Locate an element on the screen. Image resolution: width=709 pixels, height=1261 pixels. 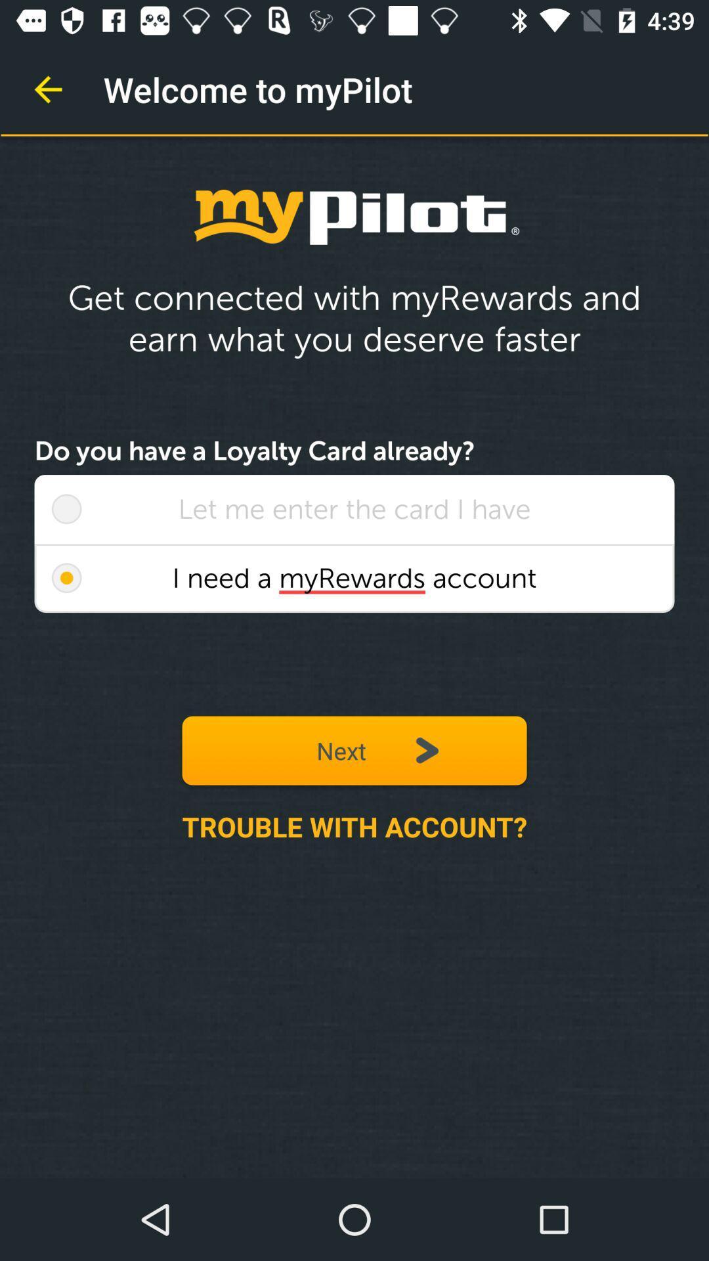
next is located at coordinates (354, 750).